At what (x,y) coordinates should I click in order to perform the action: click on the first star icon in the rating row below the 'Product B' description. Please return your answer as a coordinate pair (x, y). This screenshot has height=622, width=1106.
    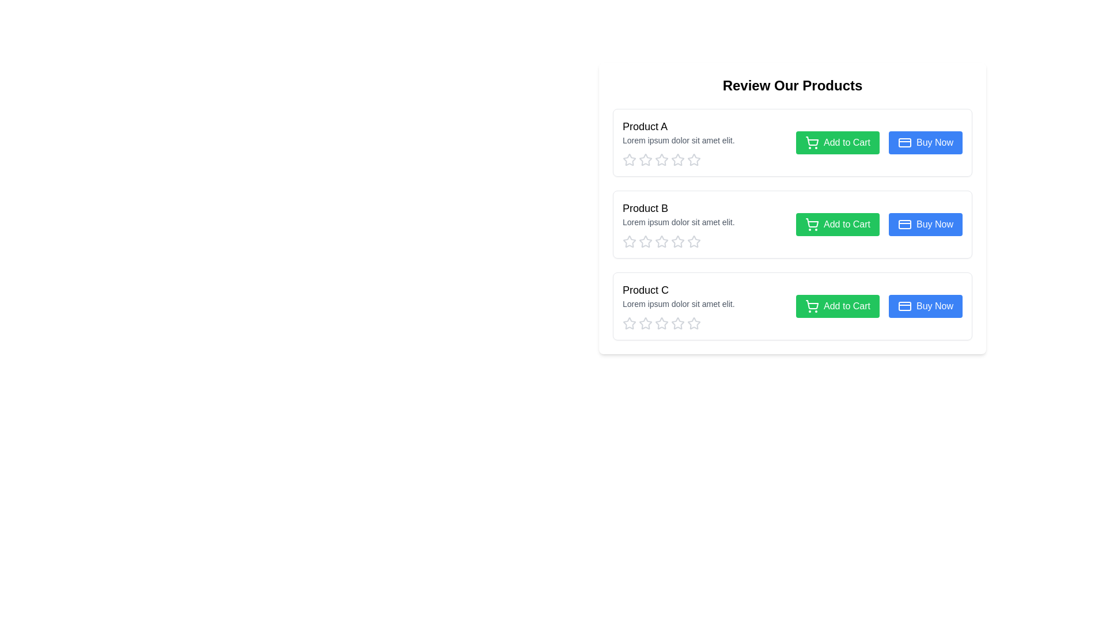
    Looking at the image, I should click on (629, 241).